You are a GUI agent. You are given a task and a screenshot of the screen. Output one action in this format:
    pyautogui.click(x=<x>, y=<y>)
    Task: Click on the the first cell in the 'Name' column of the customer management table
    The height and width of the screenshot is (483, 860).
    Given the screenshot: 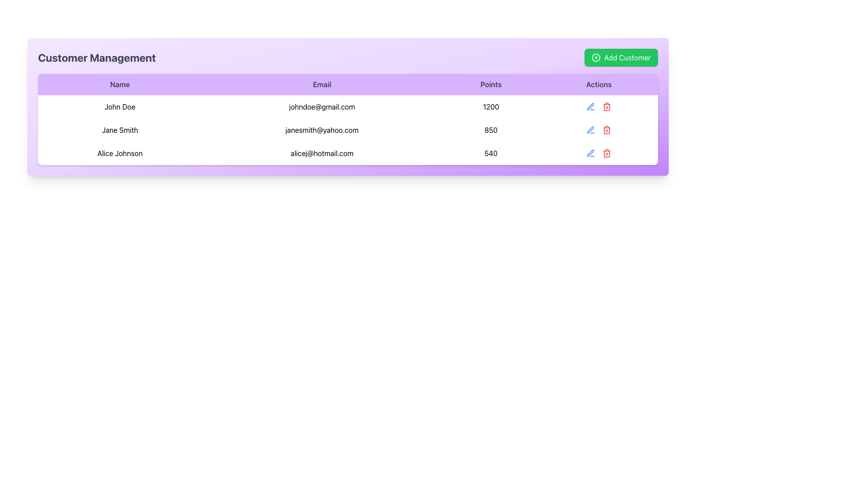 What is the action you would take?
    pyautogui.click(x=120, y=106)
    